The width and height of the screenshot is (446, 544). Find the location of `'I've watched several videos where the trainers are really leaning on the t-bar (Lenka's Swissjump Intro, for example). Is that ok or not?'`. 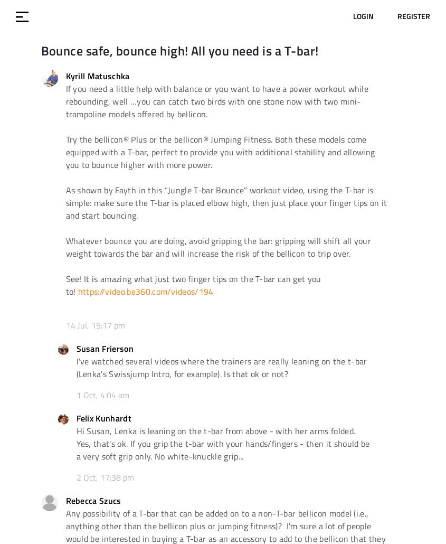

'I've watched several videos where the trainers are really leaning on the t-bar (Lenka's Swissjump Intro, for example). Is that ok or not?' is located at coordinates (221, 367).